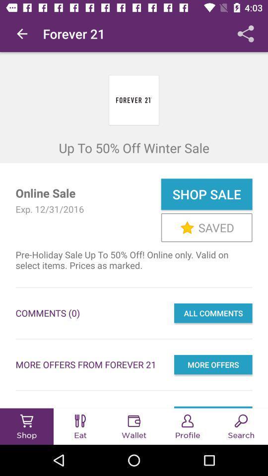 The width and height of the screenshot is (268, 476). Describe the element at coordinates (206, 193) in the screenshot. I see `the item below the up to 50 icon` at that location.